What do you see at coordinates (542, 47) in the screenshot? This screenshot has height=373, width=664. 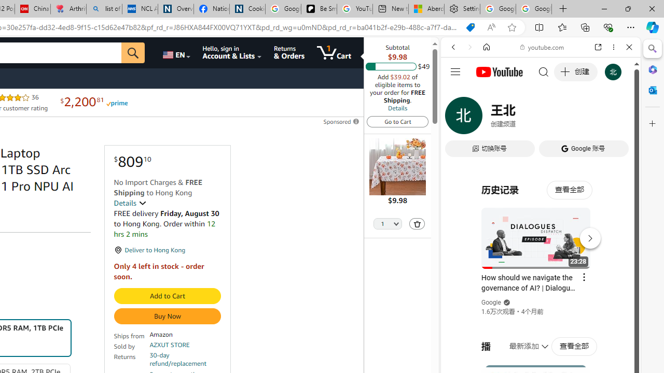 I see `'youtube.com'` at bounding box center [542, 47].